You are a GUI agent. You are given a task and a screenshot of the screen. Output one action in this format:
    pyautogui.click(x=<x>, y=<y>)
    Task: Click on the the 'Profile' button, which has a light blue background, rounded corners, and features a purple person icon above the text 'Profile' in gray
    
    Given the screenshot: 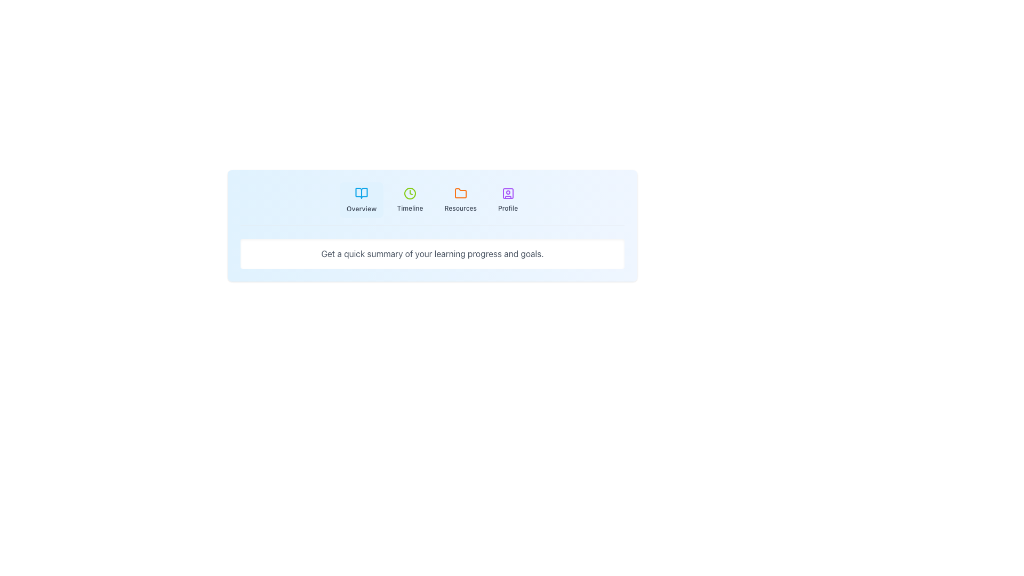 What is the action you would take?
    pyautogui.click(x=507, y=199)
    